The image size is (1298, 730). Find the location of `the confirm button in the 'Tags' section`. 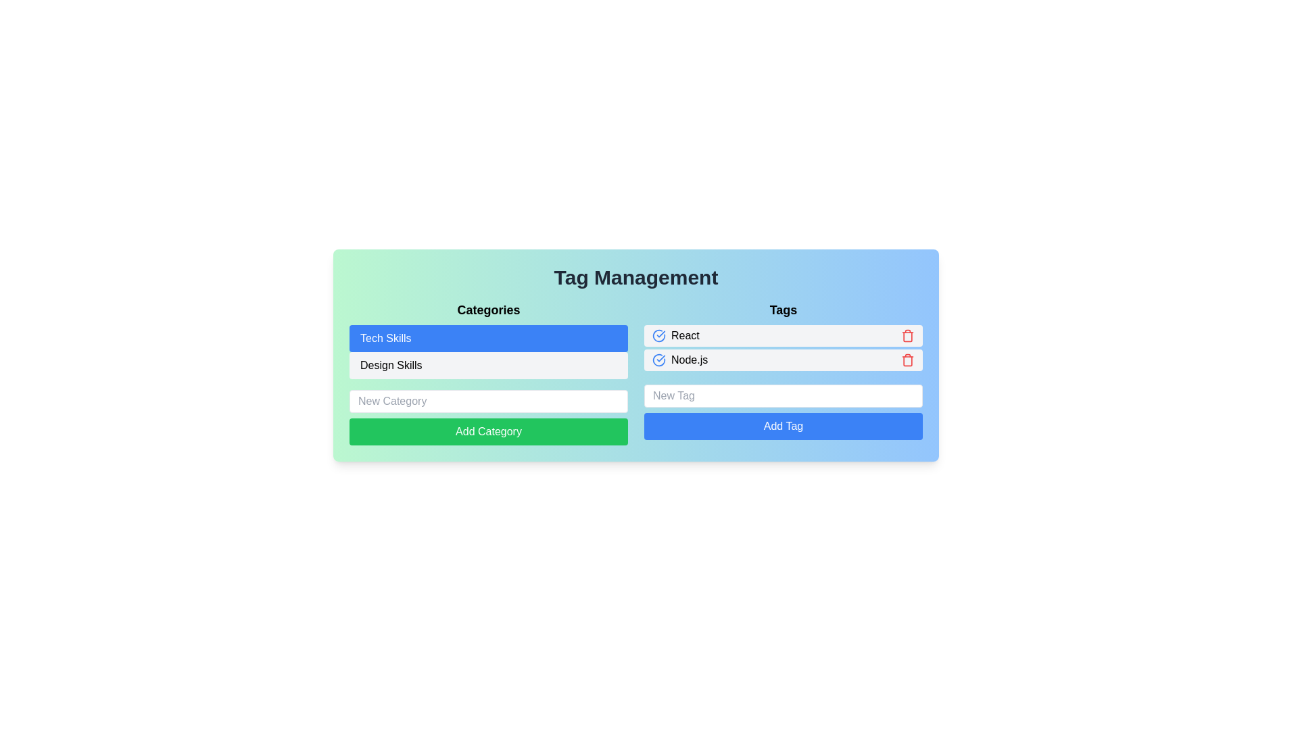

the confirm button in the 'Tags' section is located at coordinates (783, 427).